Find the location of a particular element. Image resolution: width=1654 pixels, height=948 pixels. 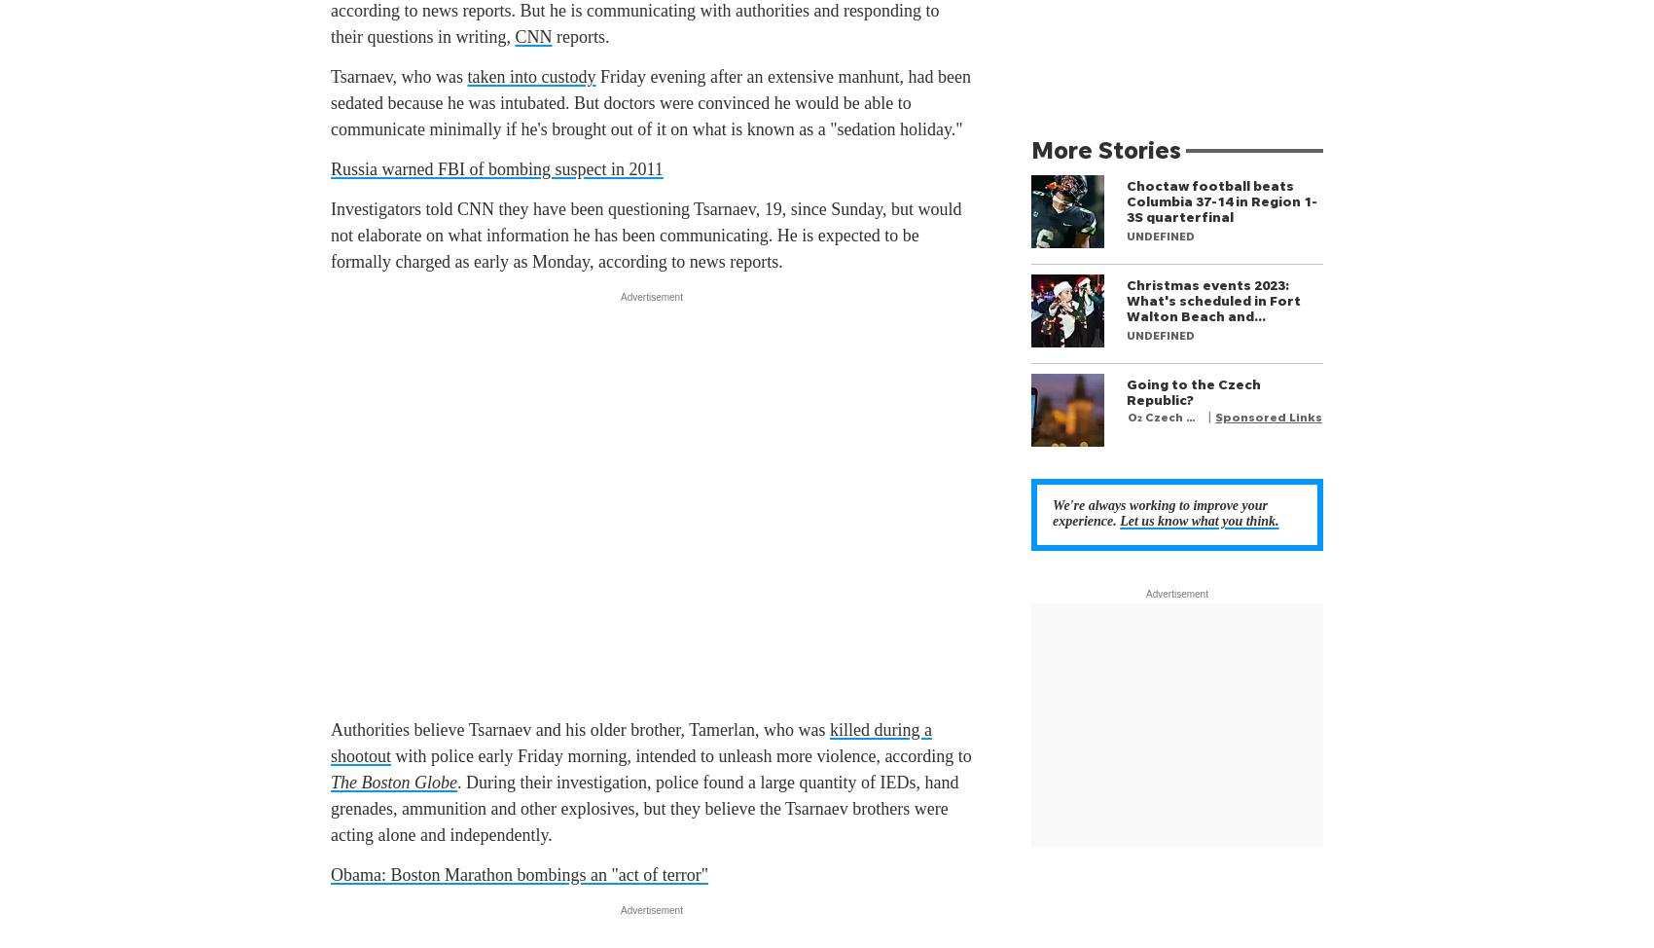

'Investigators told CNN they have been questioning Tsarnaev, 19, since Sunday, but would not elaborate on what information he has been communicating. He is expected to be formally charged as early as Monday, according to news reports.' is located at coordinates (646, 236).